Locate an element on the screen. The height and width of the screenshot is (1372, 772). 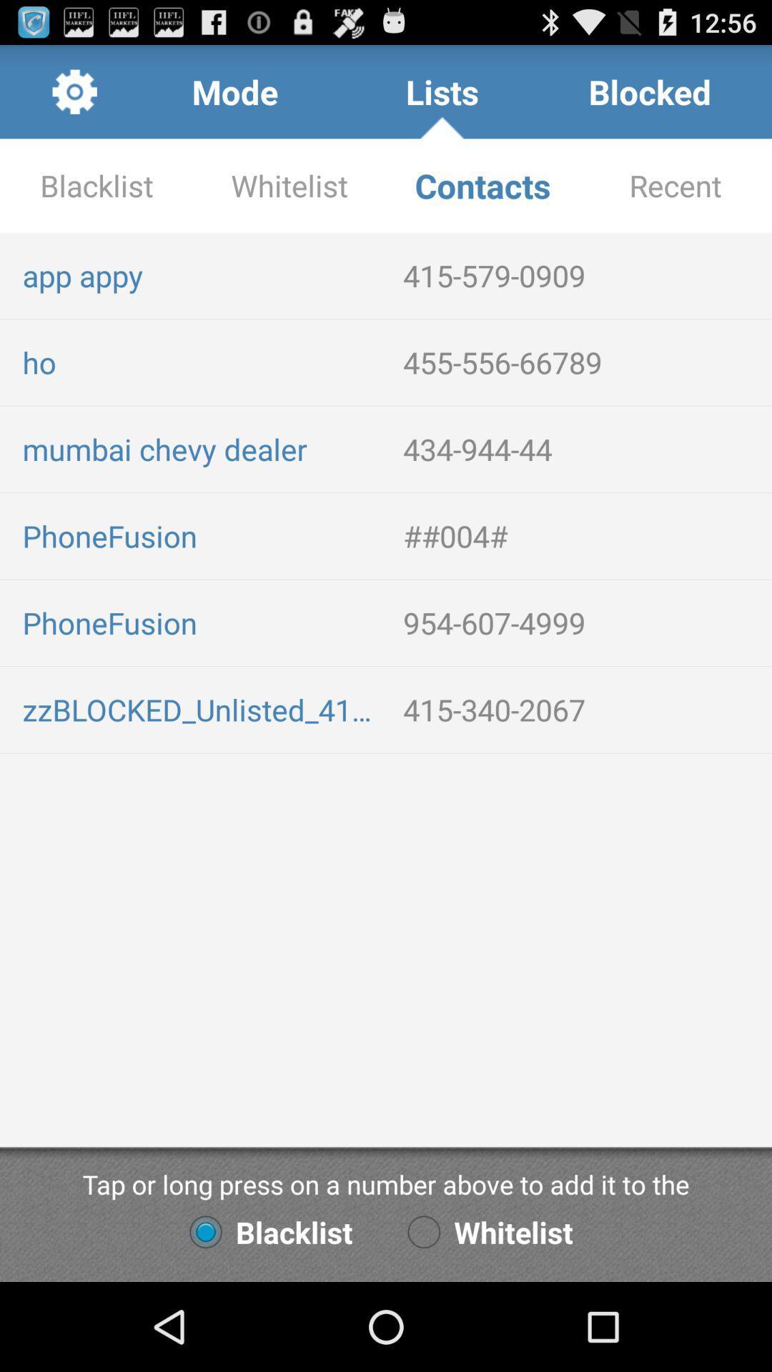
the icon to the left of 455-556-66789 item is located at coordinates (201, 362).